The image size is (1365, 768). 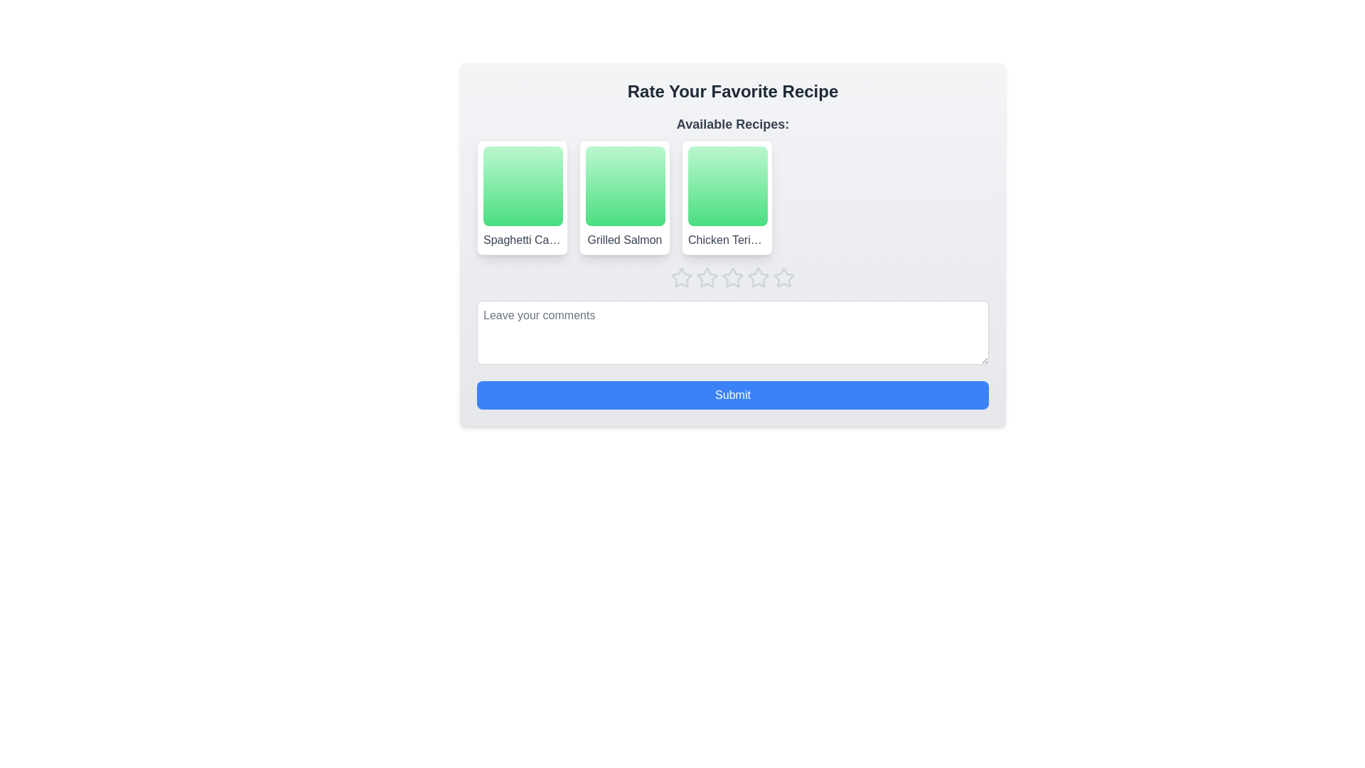 I want to click on the fifth star in the star rating system below the 'Chicken Teriyaki' recipe card, so click(x=783, y=277).